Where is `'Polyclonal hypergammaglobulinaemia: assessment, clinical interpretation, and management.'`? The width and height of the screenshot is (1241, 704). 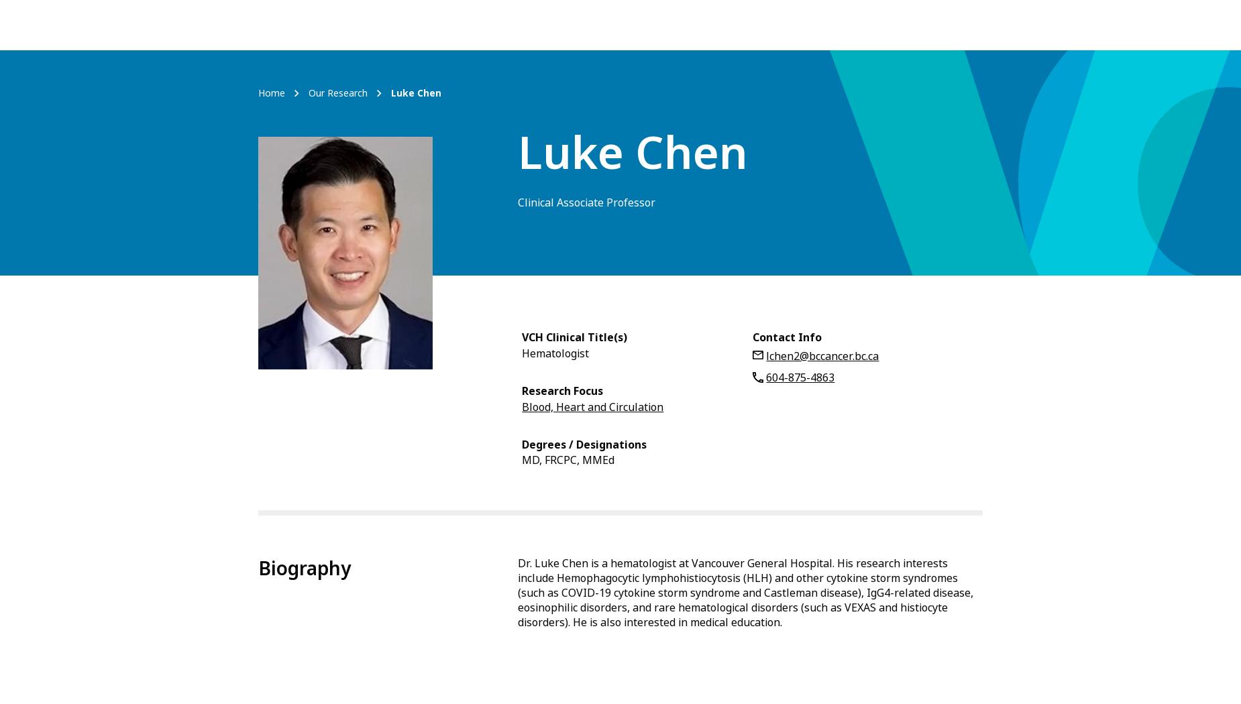
'Polyclonal hypergammaglobulinaemia: assessment, clinical interpretation, and management.' is located at coordinates (723, 433).